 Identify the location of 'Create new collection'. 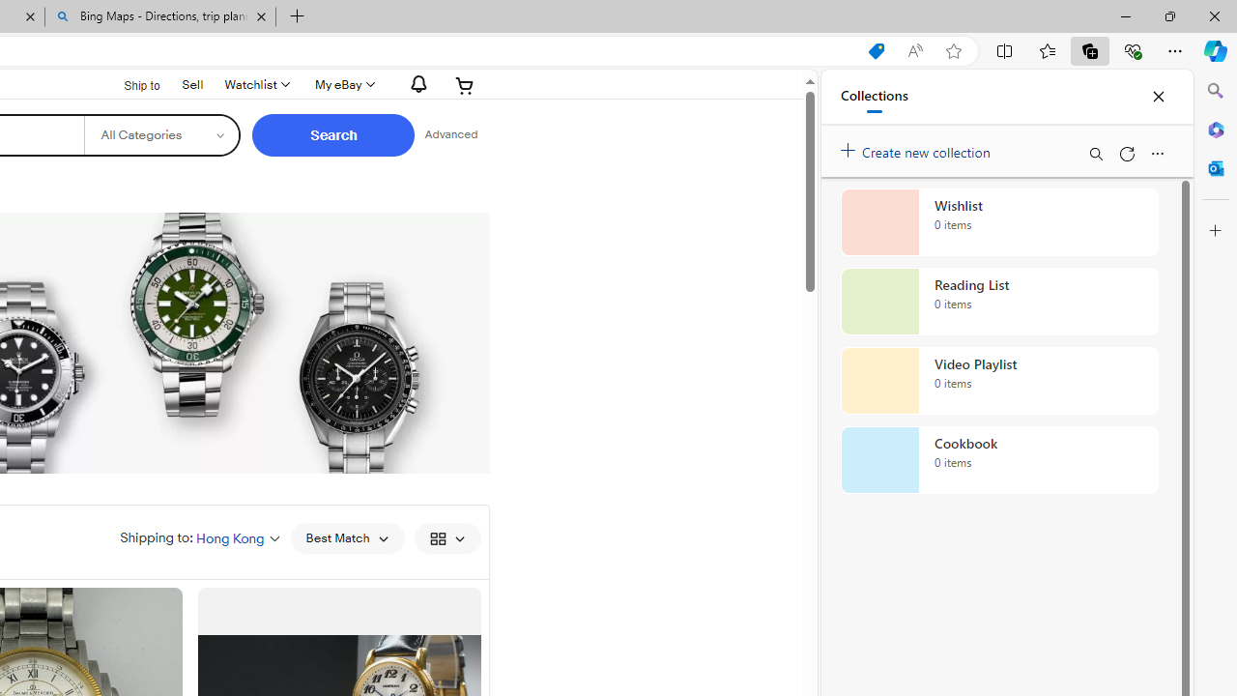
(918, 147).